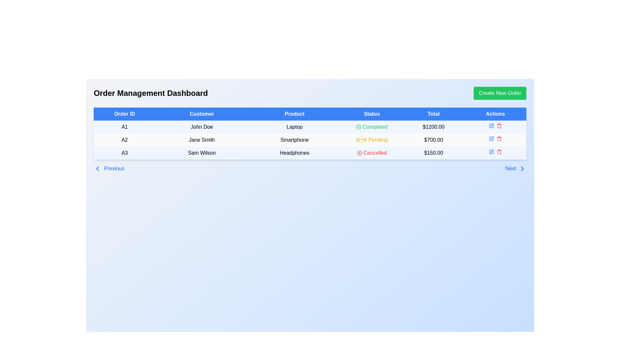  What do you see at coordinates (492, 125) in the screenshot?
I see `the edit icon button located in the third row of the 'Actions' column of the table` at bounding box center [492, 125].